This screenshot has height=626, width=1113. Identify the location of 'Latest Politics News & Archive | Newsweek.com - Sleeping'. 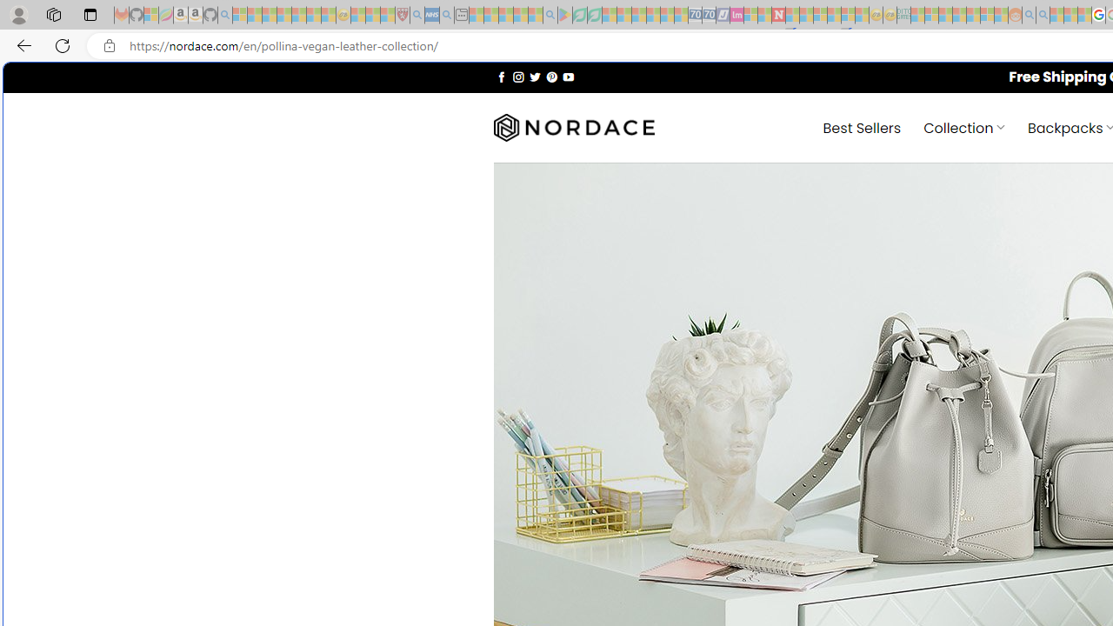
(777, 15).